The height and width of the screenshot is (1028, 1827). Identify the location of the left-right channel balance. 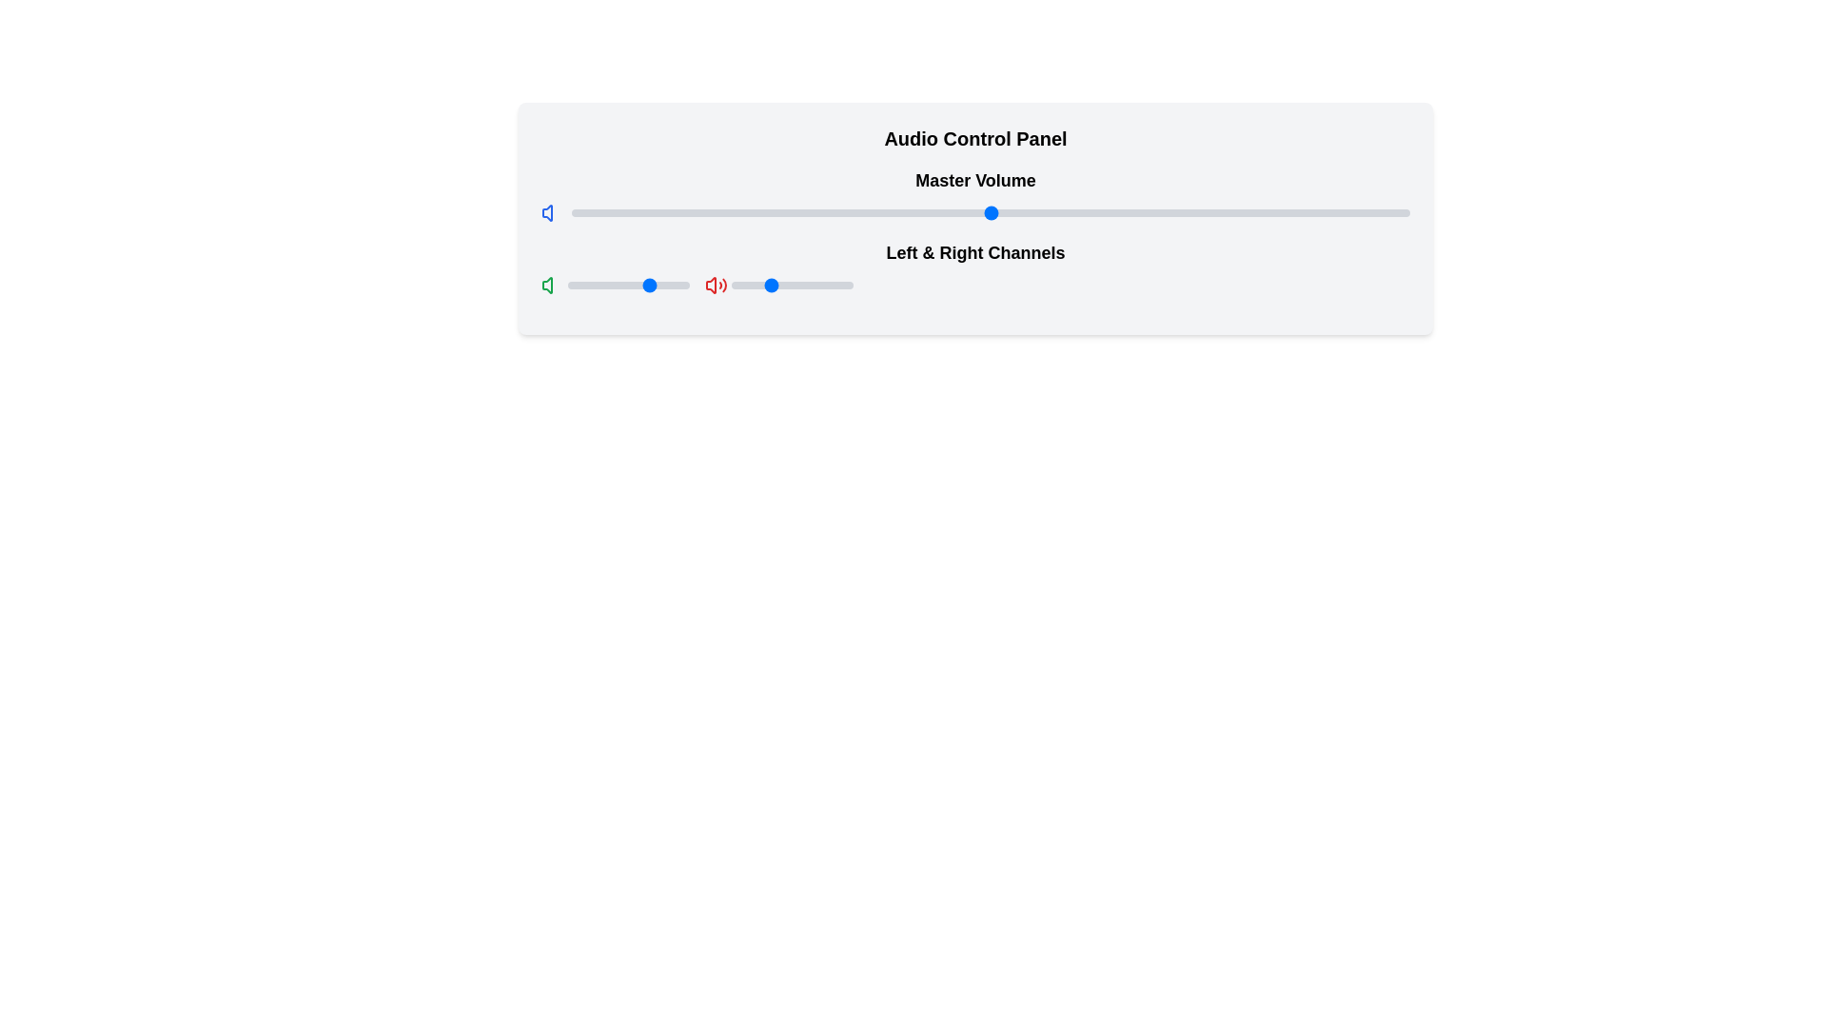
(591, 286).